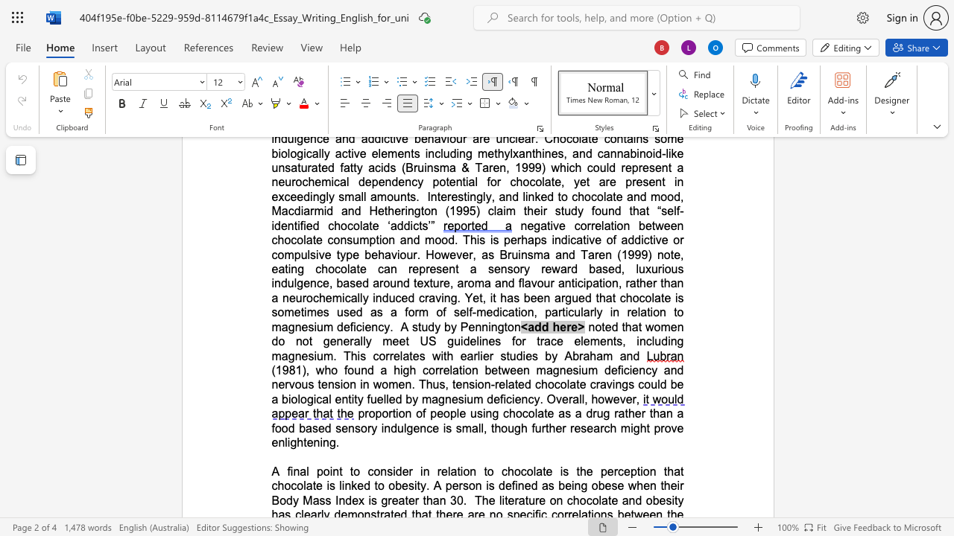  I want to click on the space between the continuous character "d" and "d" in the text, so click(540, 326).